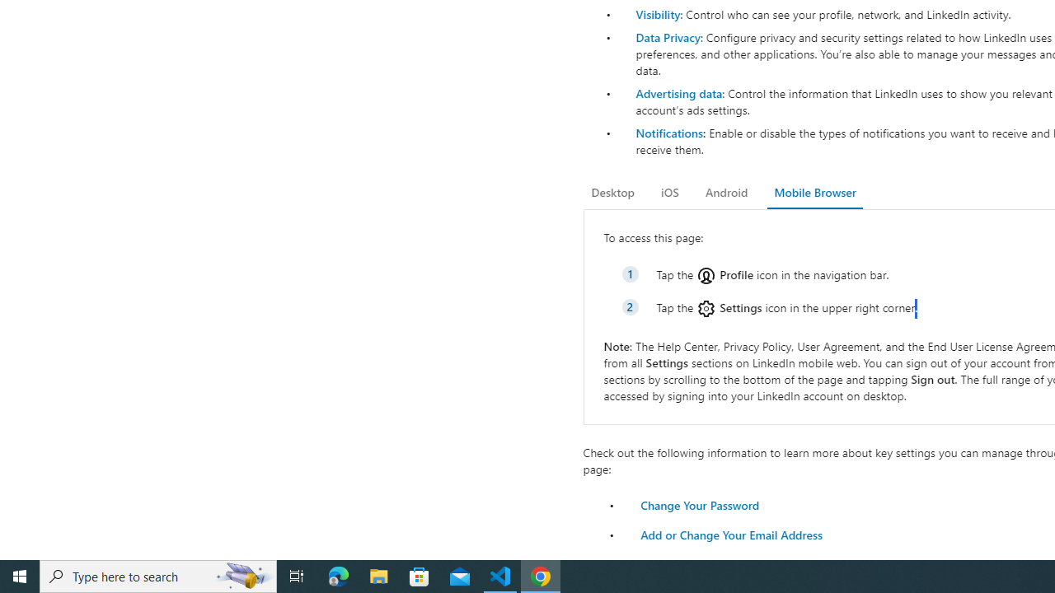  I want to click on 'Change Your Password', so click(700, 504).